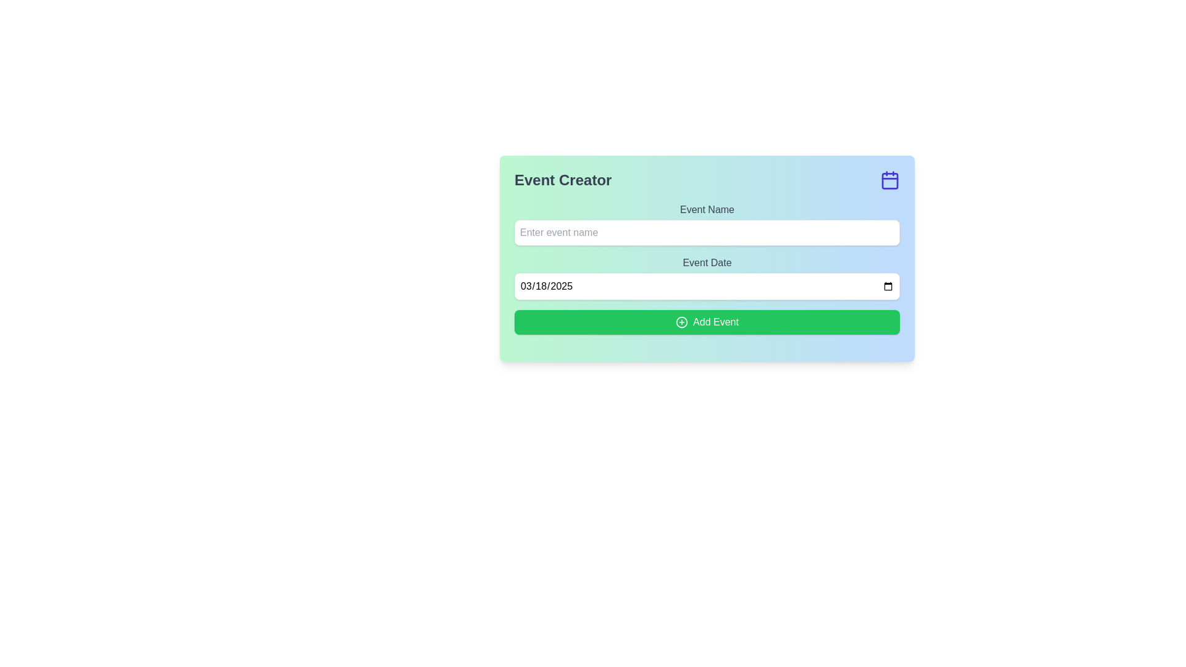 The height and width of the screenshot is (667, 1186). What do you see at coordinates (707, 261) in the screenshot?
I see `the label that describes the purpose of the date input field, which is located directly above the date input field within the form structure` at bounding box center [707, 261].